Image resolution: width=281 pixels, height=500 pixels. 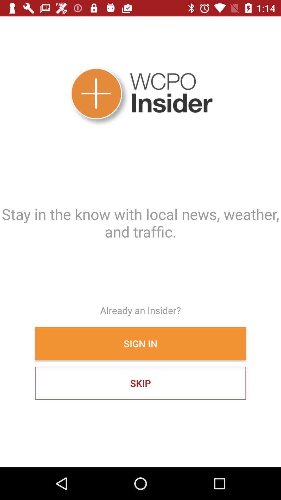 What do you see at coordinates (140, 343) in the screenshot?
I see `icon above the skip` at bounding box center [140, 343].